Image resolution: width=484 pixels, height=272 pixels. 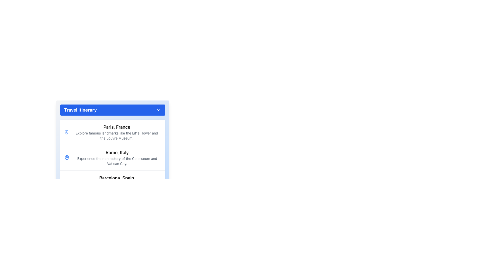 I want to click on descriptive text about the 'Rome, Italy' travel destination, which is located directly below the 'Rome, Italy' title, so click(x=117, y=161).